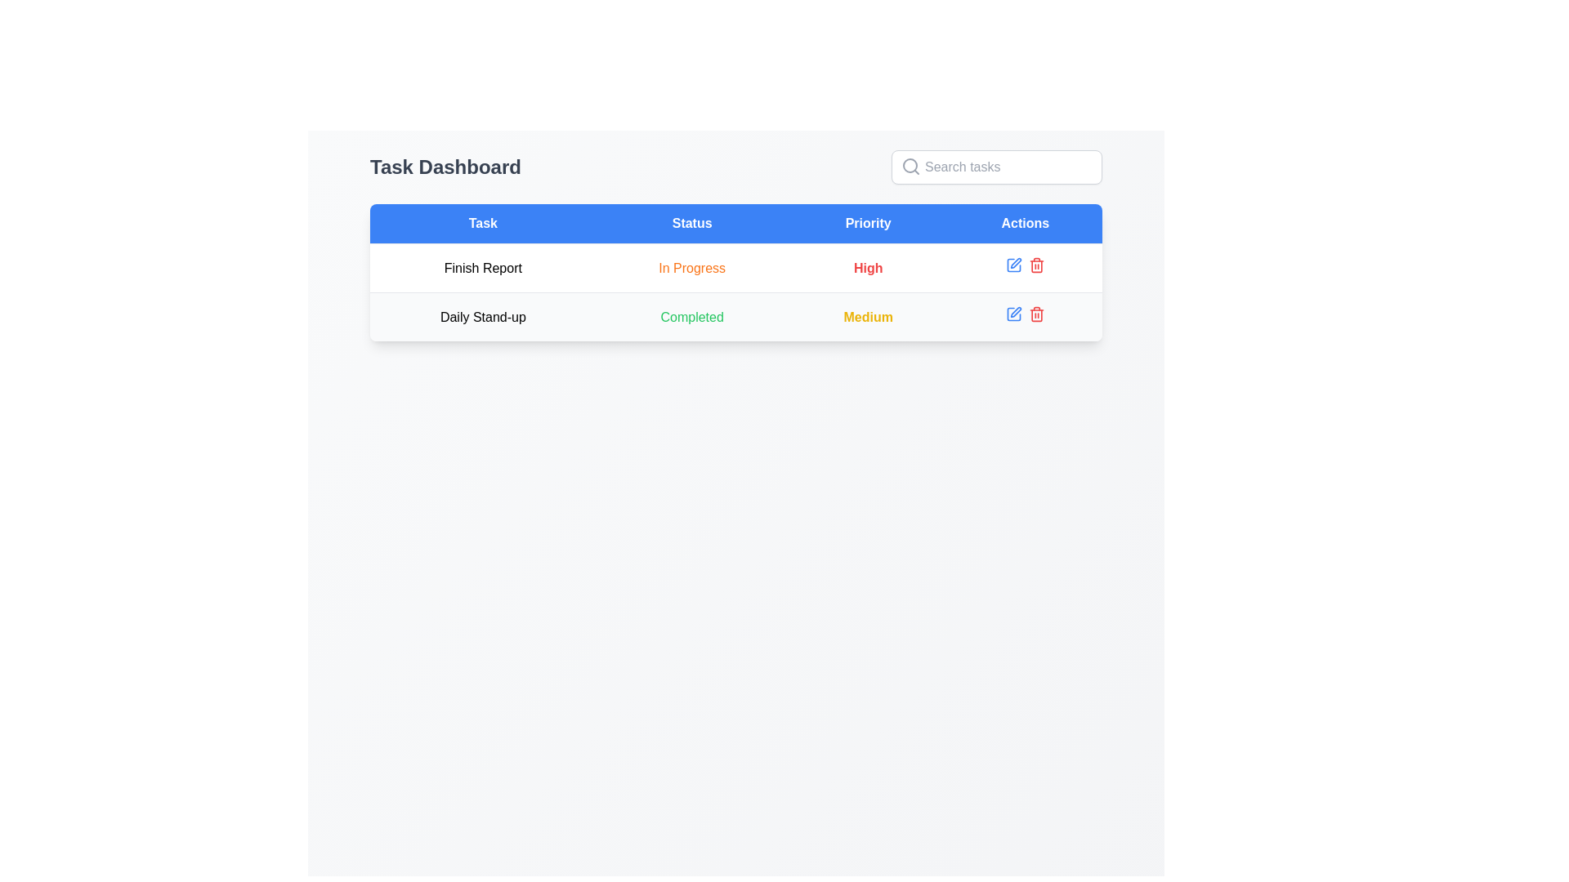  Describe the element at coordinates (1035, 264) in the screenshot. I see `the delete icon in the 'Actions' column of the second row for the task 'Finish Report'` at that location.